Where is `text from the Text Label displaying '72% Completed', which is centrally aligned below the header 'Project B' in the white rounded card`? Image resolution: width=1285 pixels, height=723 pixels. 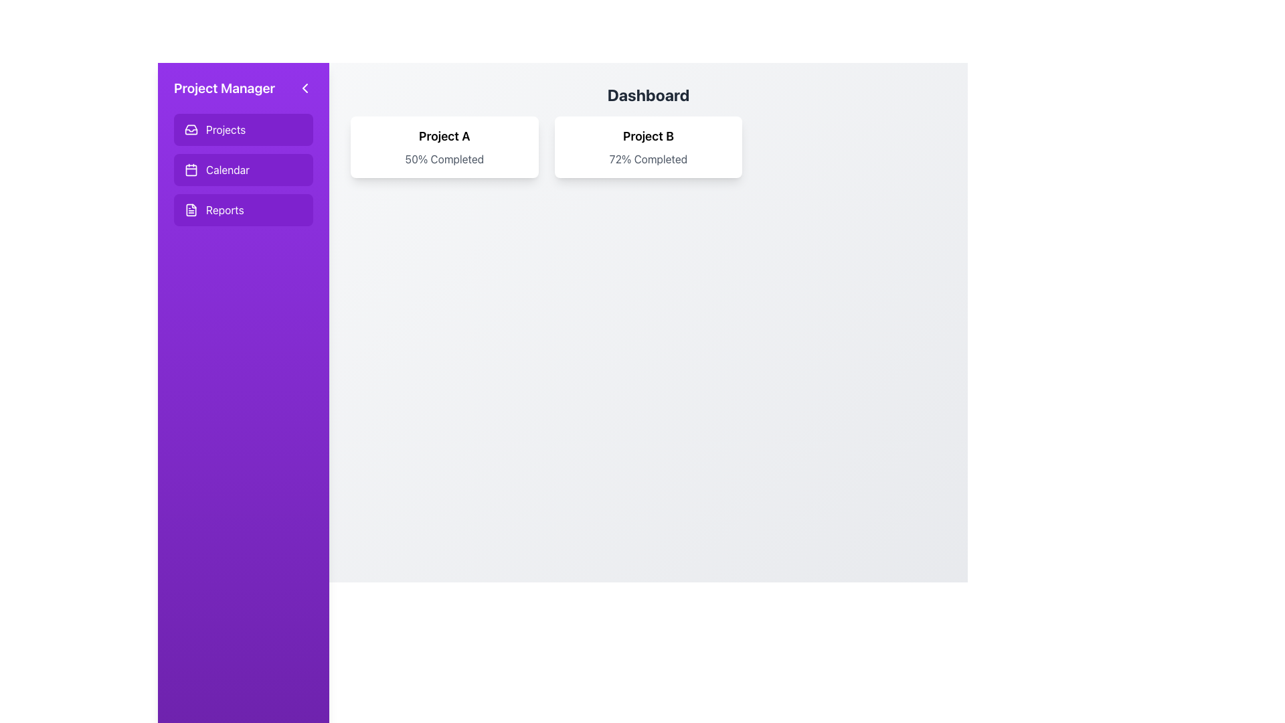
text from the Text Label displaying '72% Completed', which is centrally aligned below the header 'Project B' in the white rounded card is located at coordinates (649, 159).